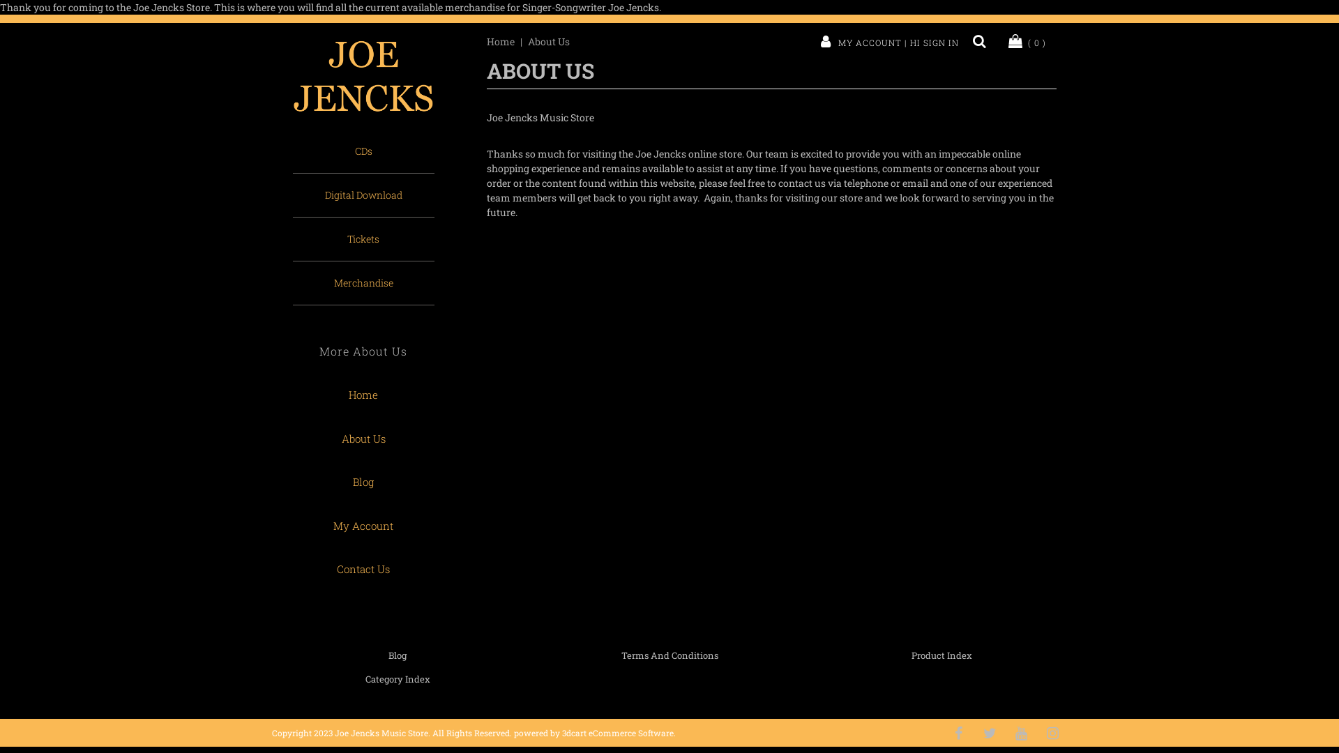  I want to click on 'Contact Us', so click(363, 569).